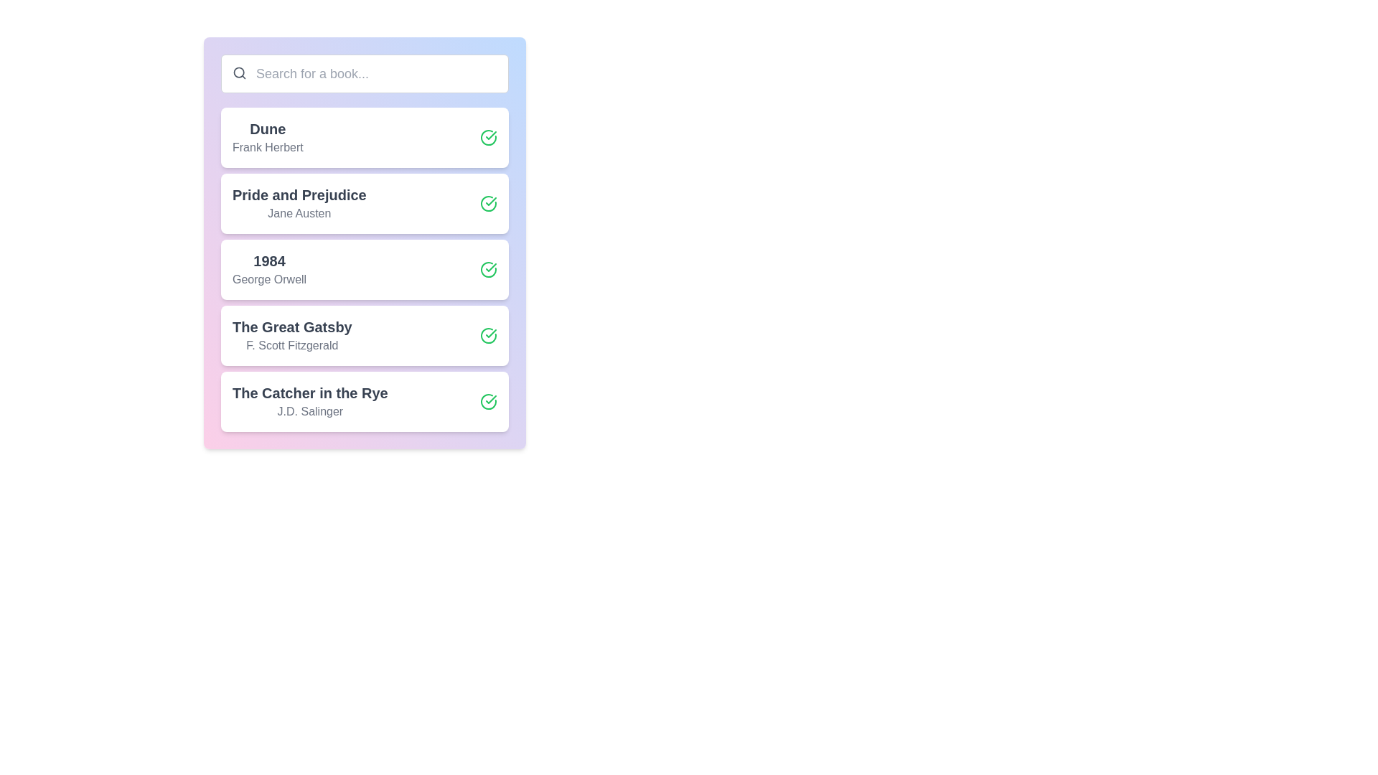 The width and height of the screenshot is (1378, 775). I want to click on the static text label displaying 'F. Scott Fitzgerald', which is aligned to the left and styled in gray as a subtitle below 'The Great Gatsby', so click(291, 346).